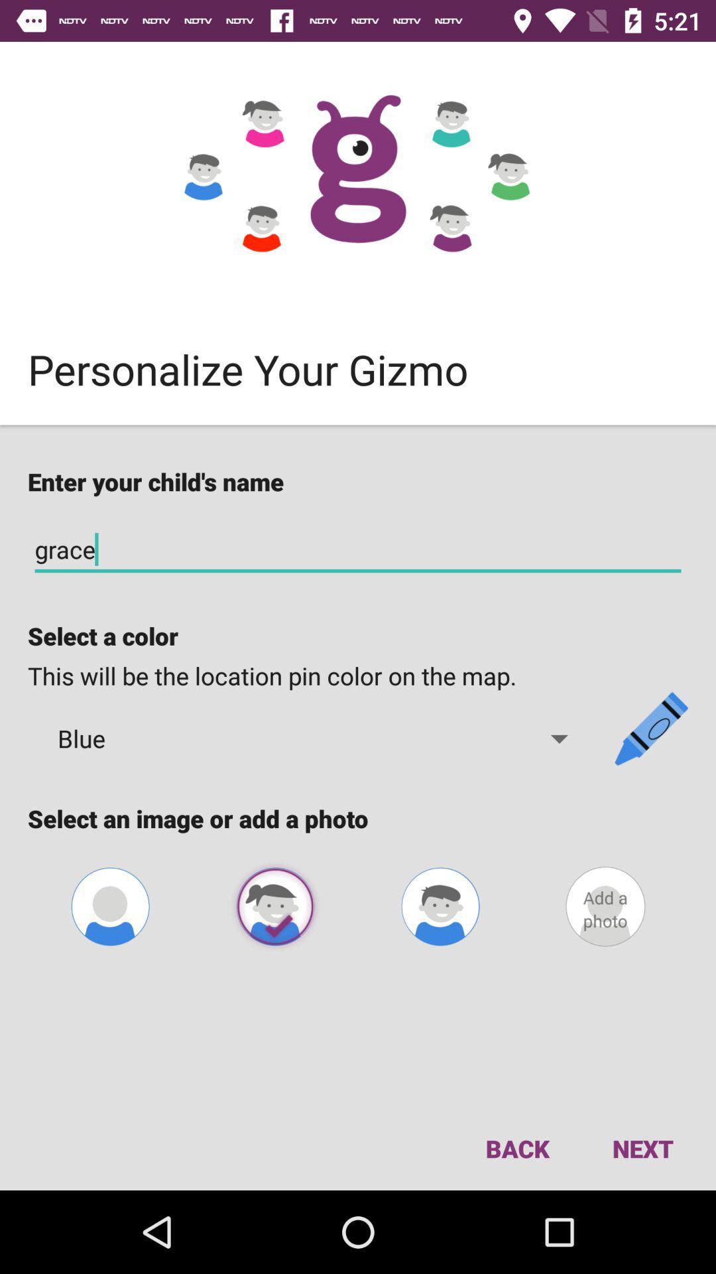  What do you see at coordinates (274, 906) in the screenshot?
I see `this avatar` at bounding box center [274, 906].